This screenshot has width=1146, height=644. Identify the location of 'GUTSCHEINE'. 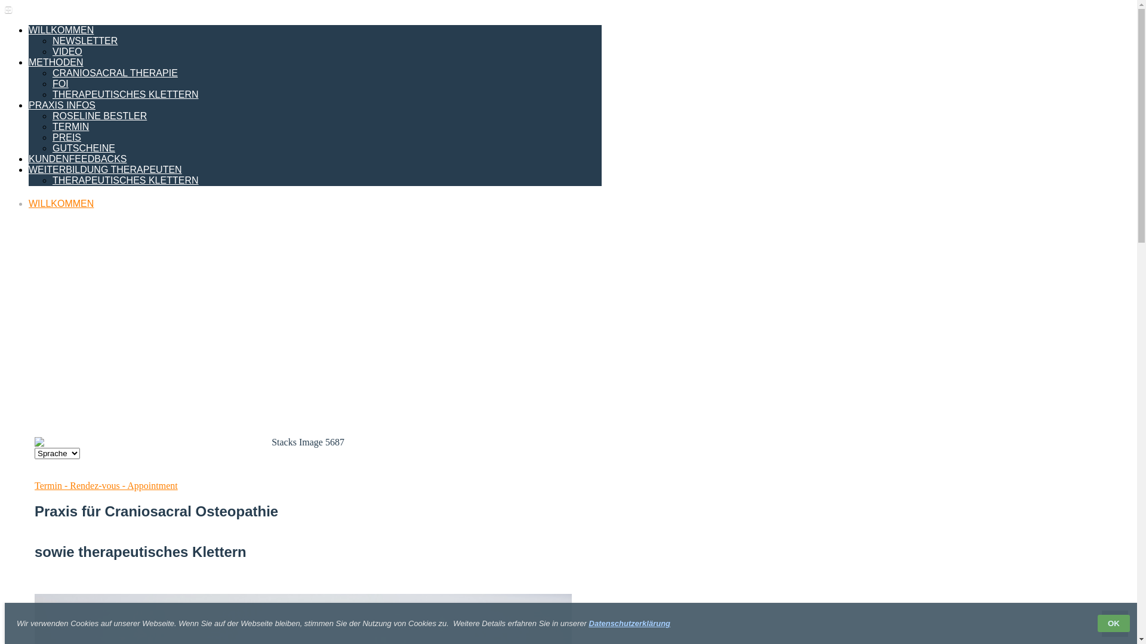
(83, 147).